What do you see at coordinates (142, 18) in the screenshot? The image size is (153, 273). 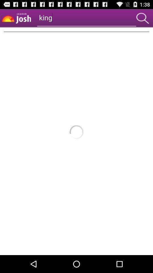 I see `search keyword` at bounding box center [142, 18].